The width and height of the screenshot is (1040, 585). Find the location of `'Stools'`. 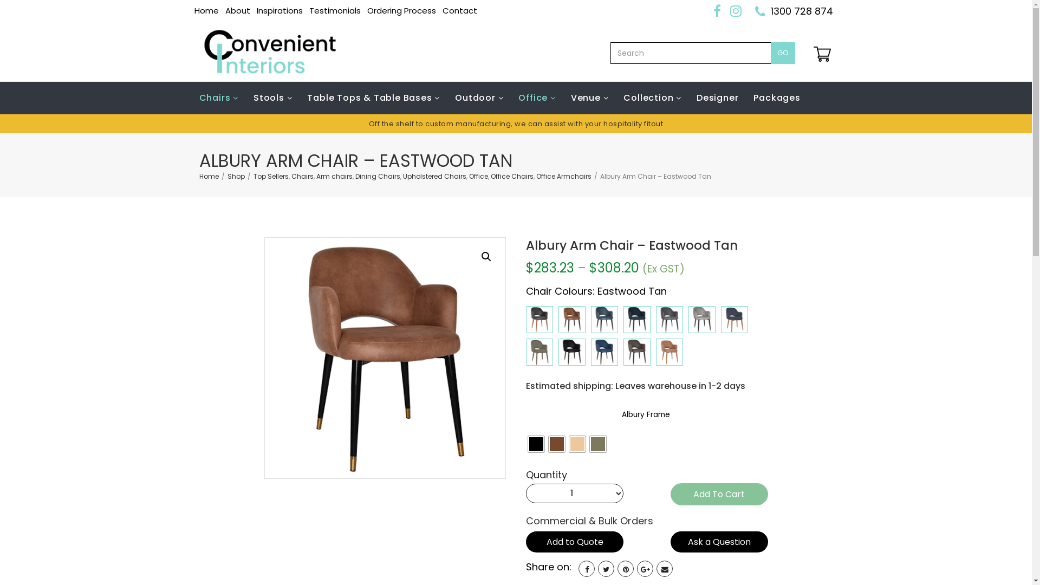

'Stools' is located at coordinates (272, 98).